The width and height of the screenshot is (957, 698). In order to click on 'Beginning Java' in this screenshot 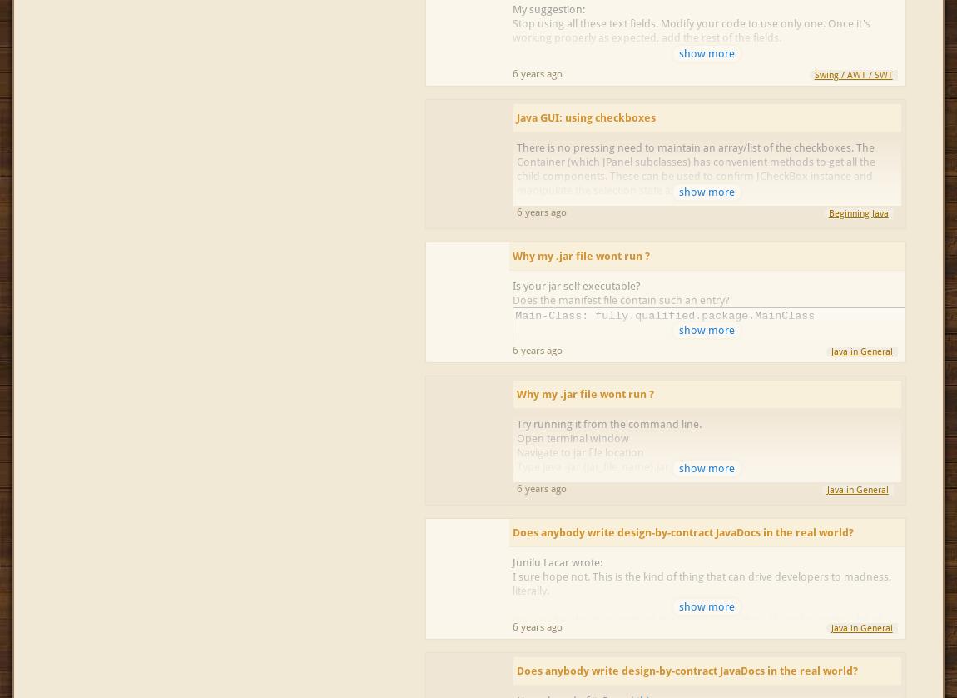, I will do `click(827, 212)`.